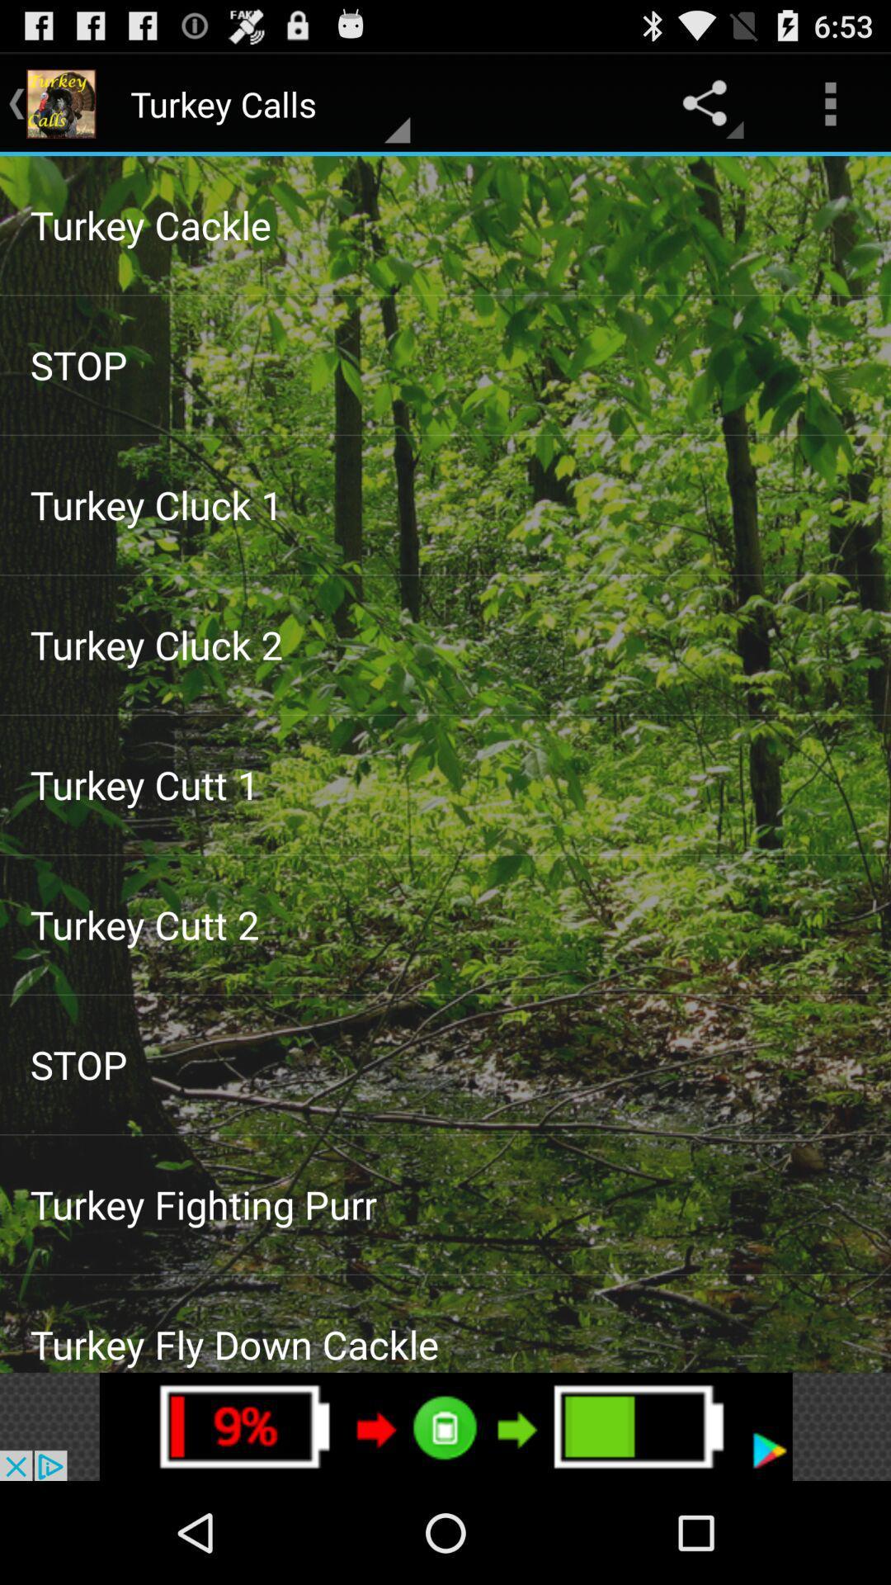 The image size is (891, 1585). I want to click on advertisement for battery improvement app, so click(445, 1426).